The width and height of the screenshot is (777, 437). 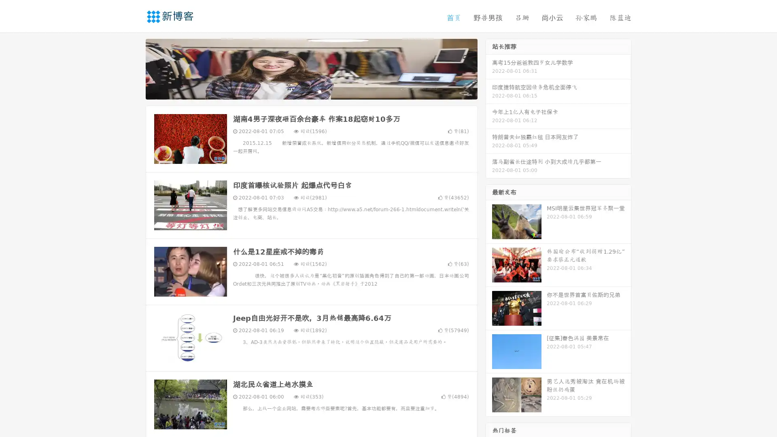 I want to click on Go to slide 3, so click(x=319, y=91).